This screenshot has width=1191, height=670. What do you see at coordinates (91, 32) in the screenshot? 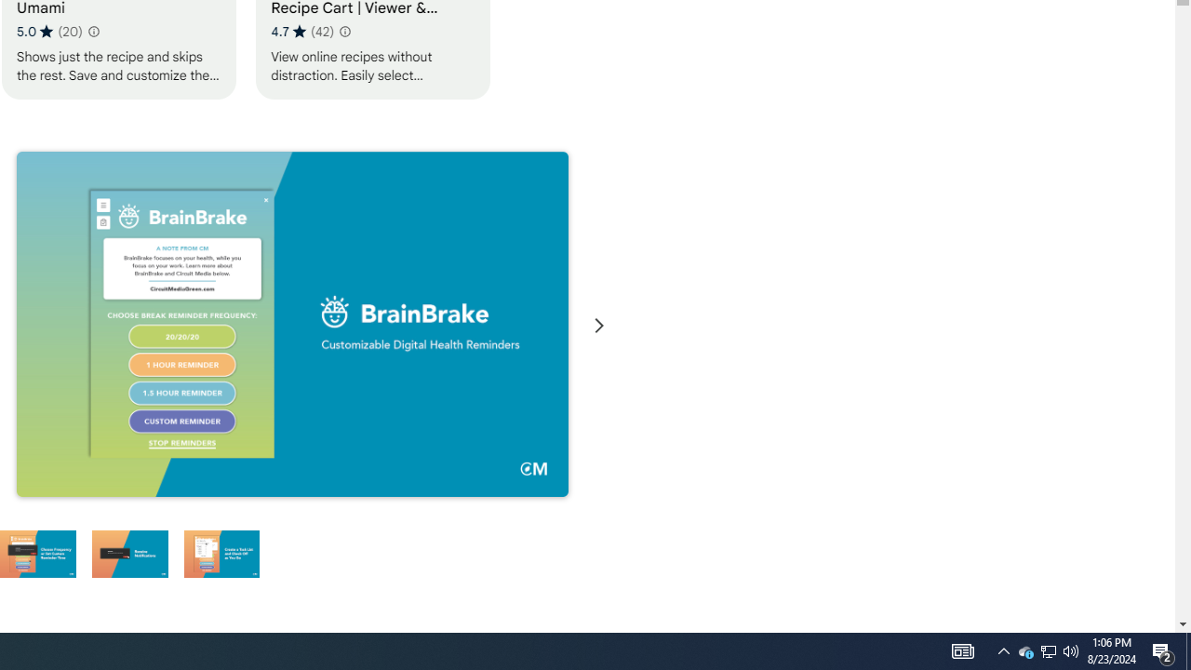
I see `'Learn more about results and reviews "Umami"'` at bounding box center [91, 32].